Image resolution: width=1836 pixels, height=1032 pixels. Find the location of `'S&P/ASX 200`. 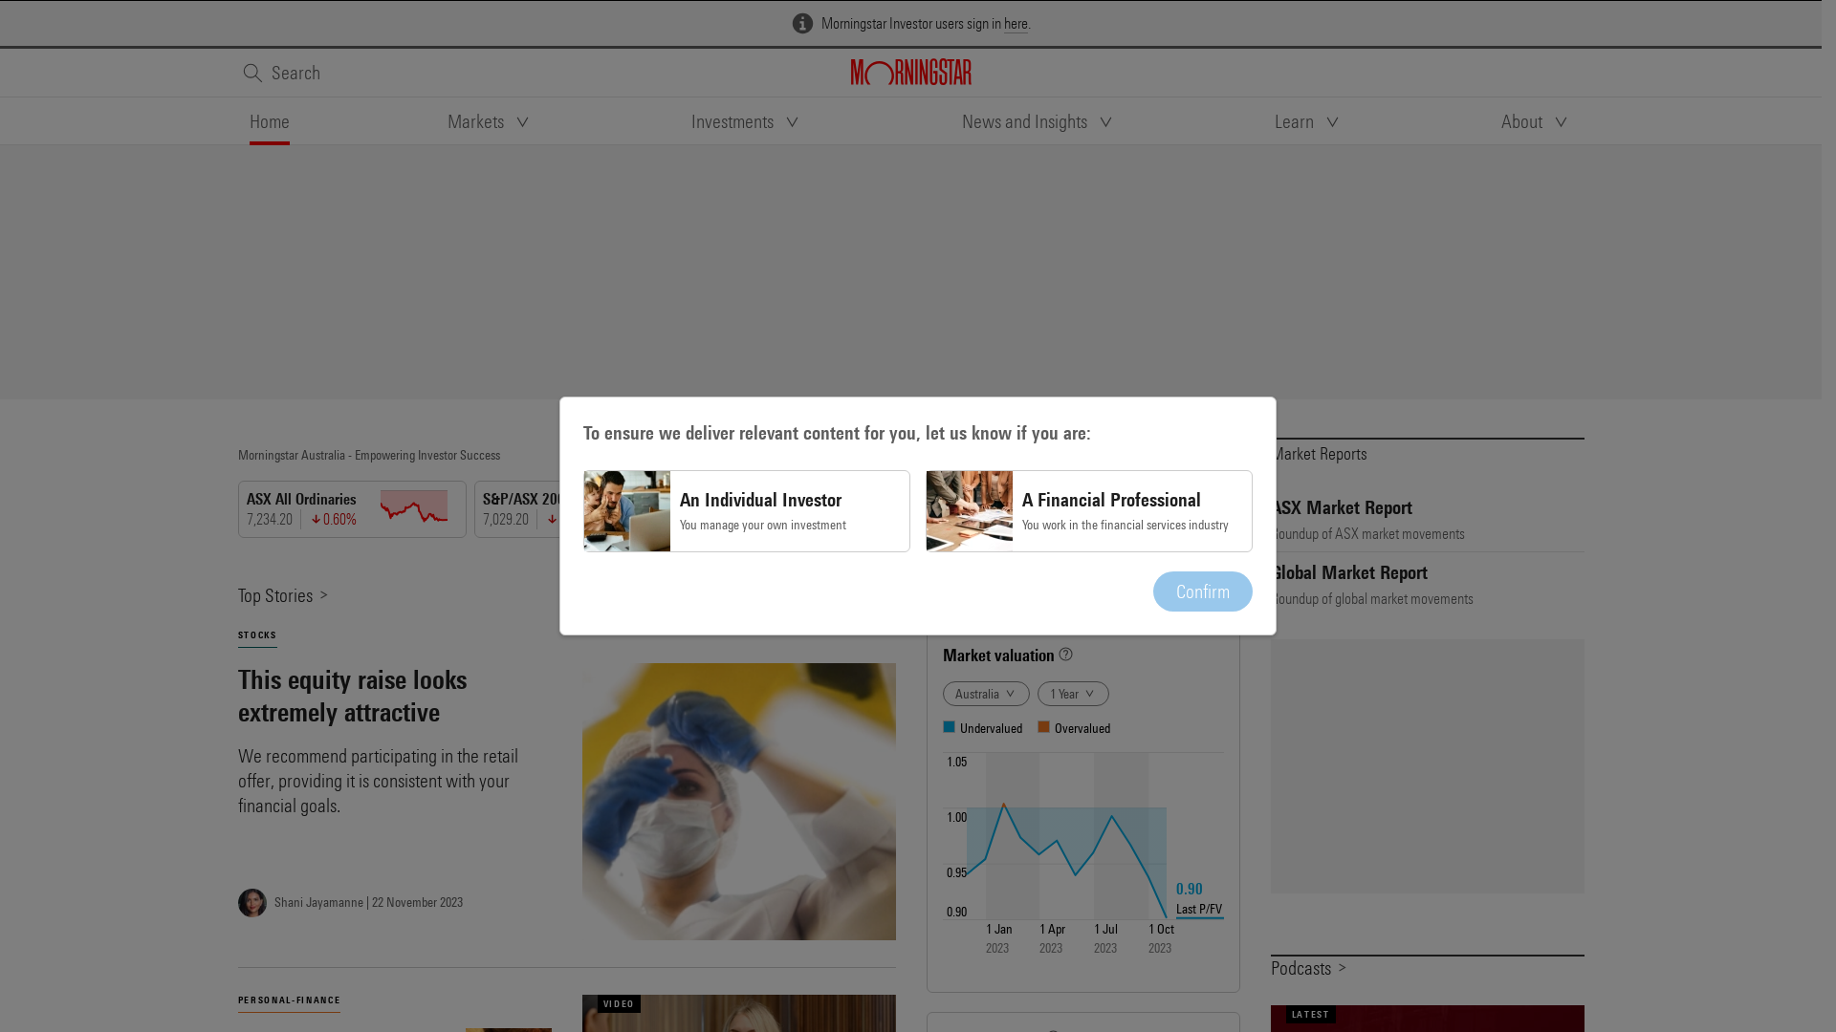

'S&P/ASX 200 is located at coordinates (591, 507).